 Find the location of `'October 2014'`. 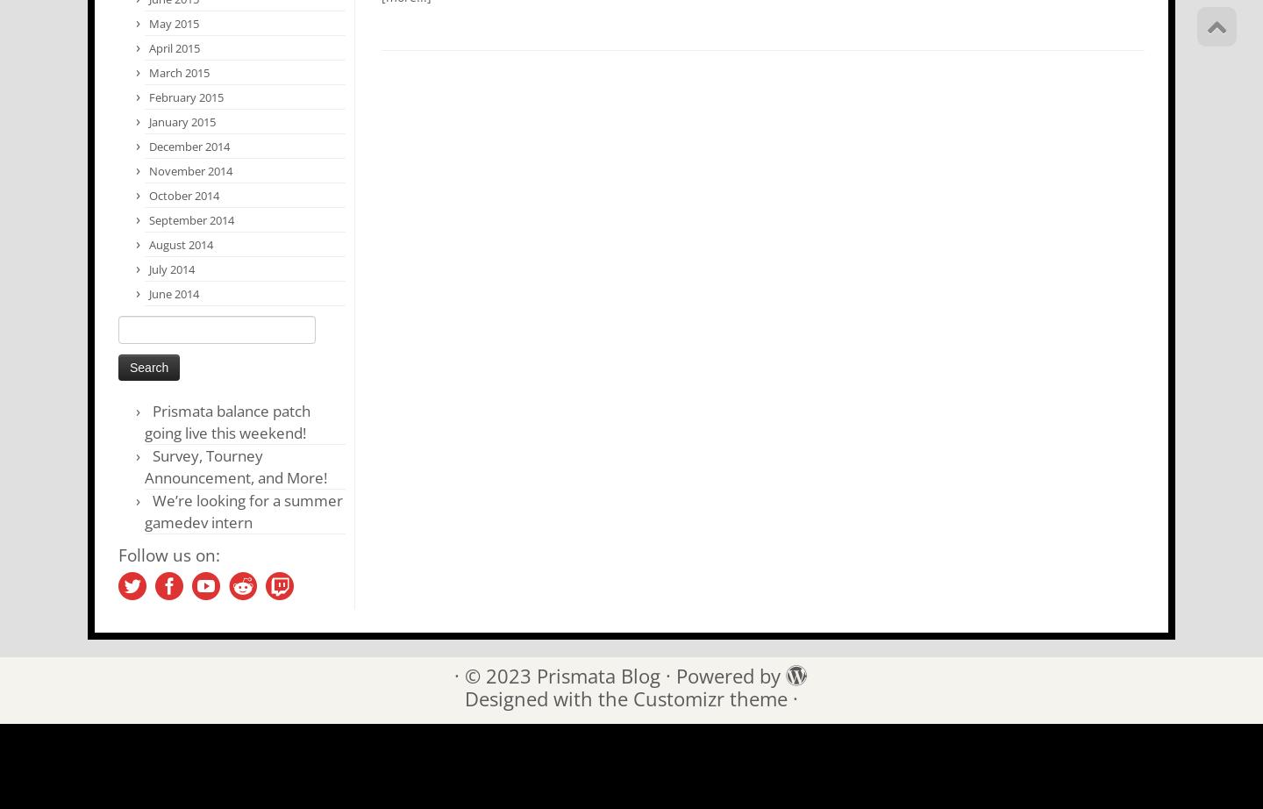

'October 2014' is located at coordinates (183, 196).